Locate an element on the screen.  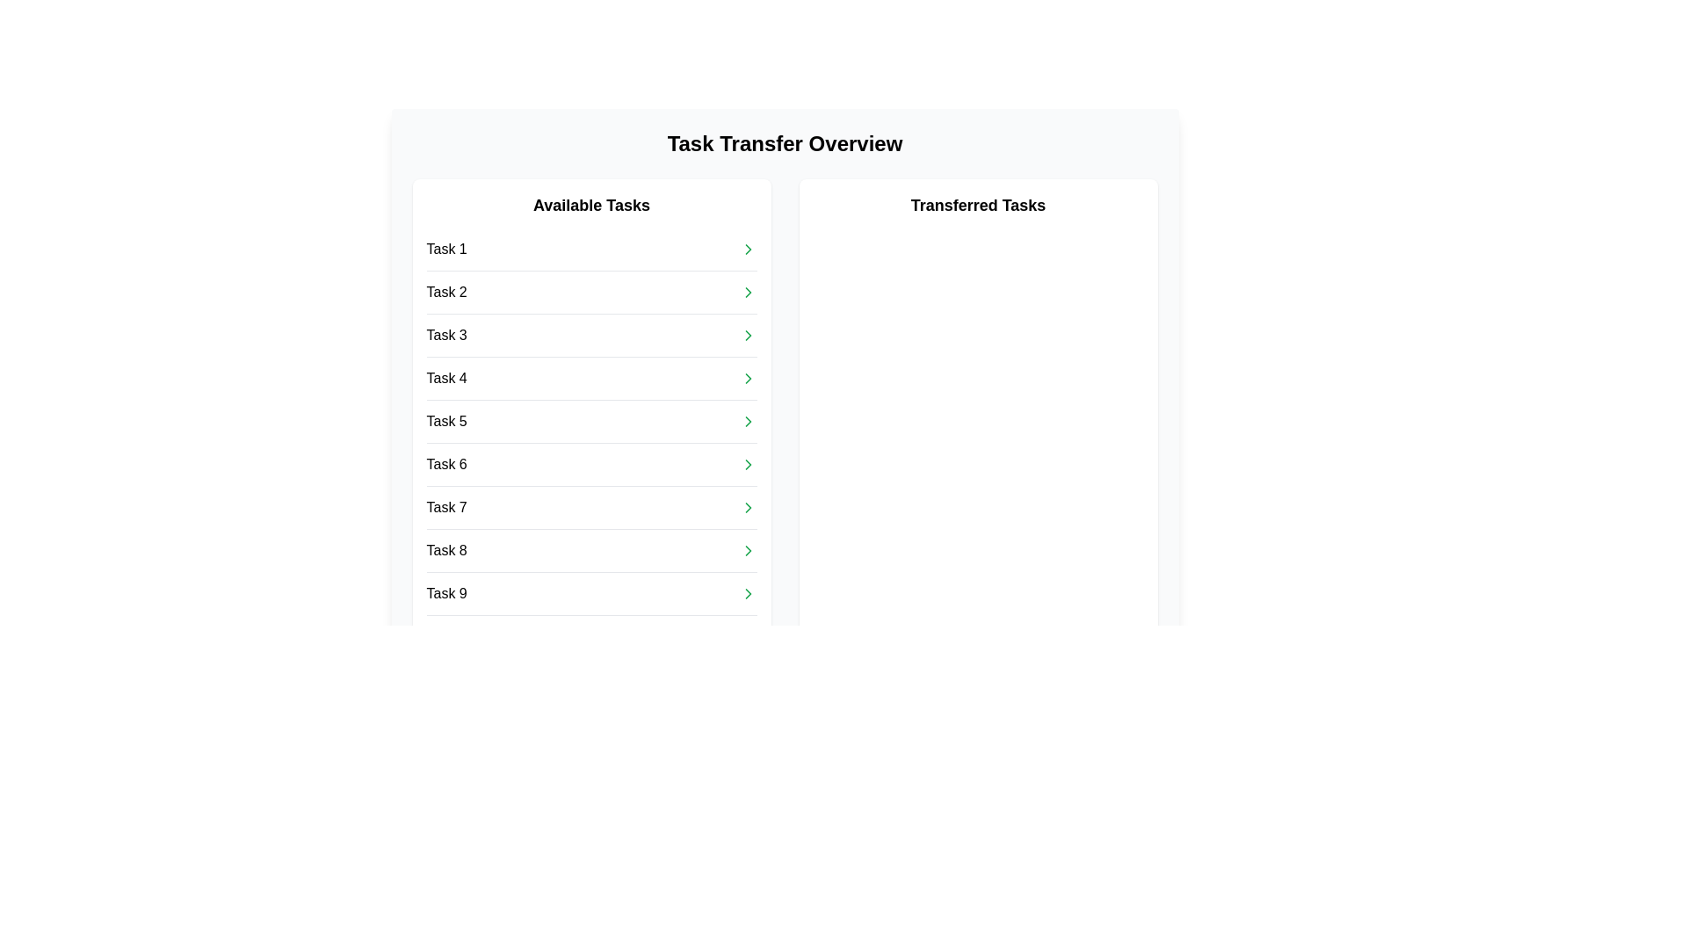
the selectable list item labeled 'Task 3' is located at coordinates (591, 336).